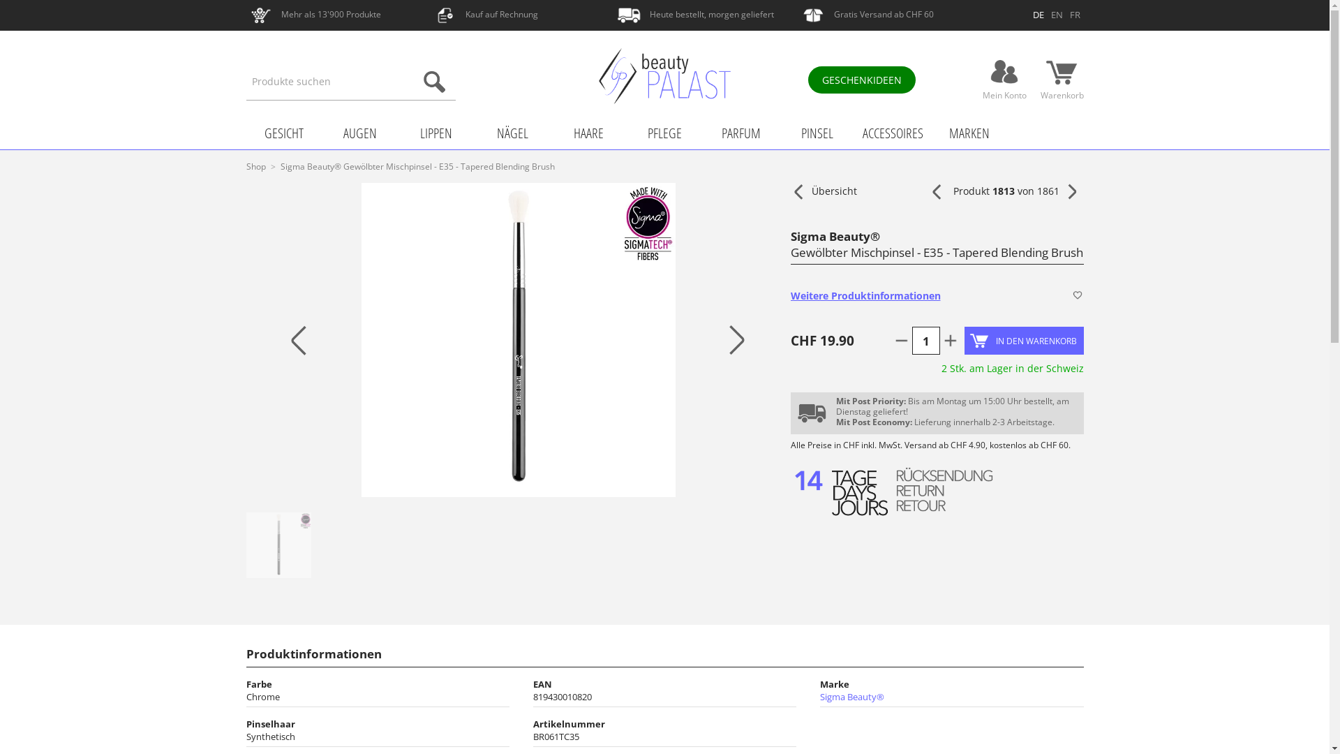  Describe the element at coordinates (931, 134) in the screenshot. I see `'MARKEN'` at that location.